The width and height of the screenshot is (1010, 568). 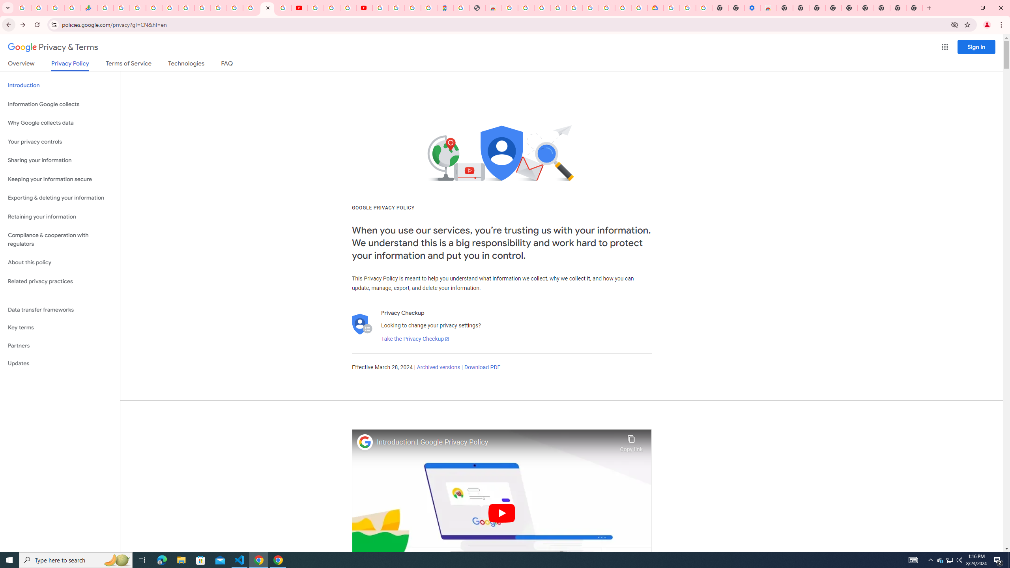 I want to click on 'Compliance & cooperation with regulators', so click(x=60, y=240).